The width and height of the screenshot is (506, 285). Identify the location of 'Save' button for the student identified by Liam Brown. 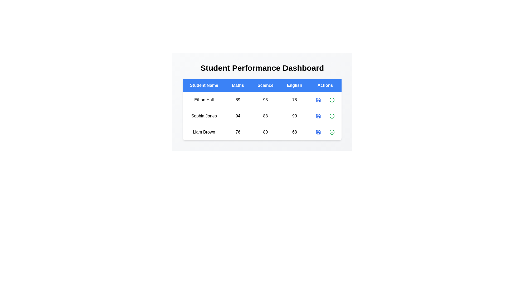
(318, 132).